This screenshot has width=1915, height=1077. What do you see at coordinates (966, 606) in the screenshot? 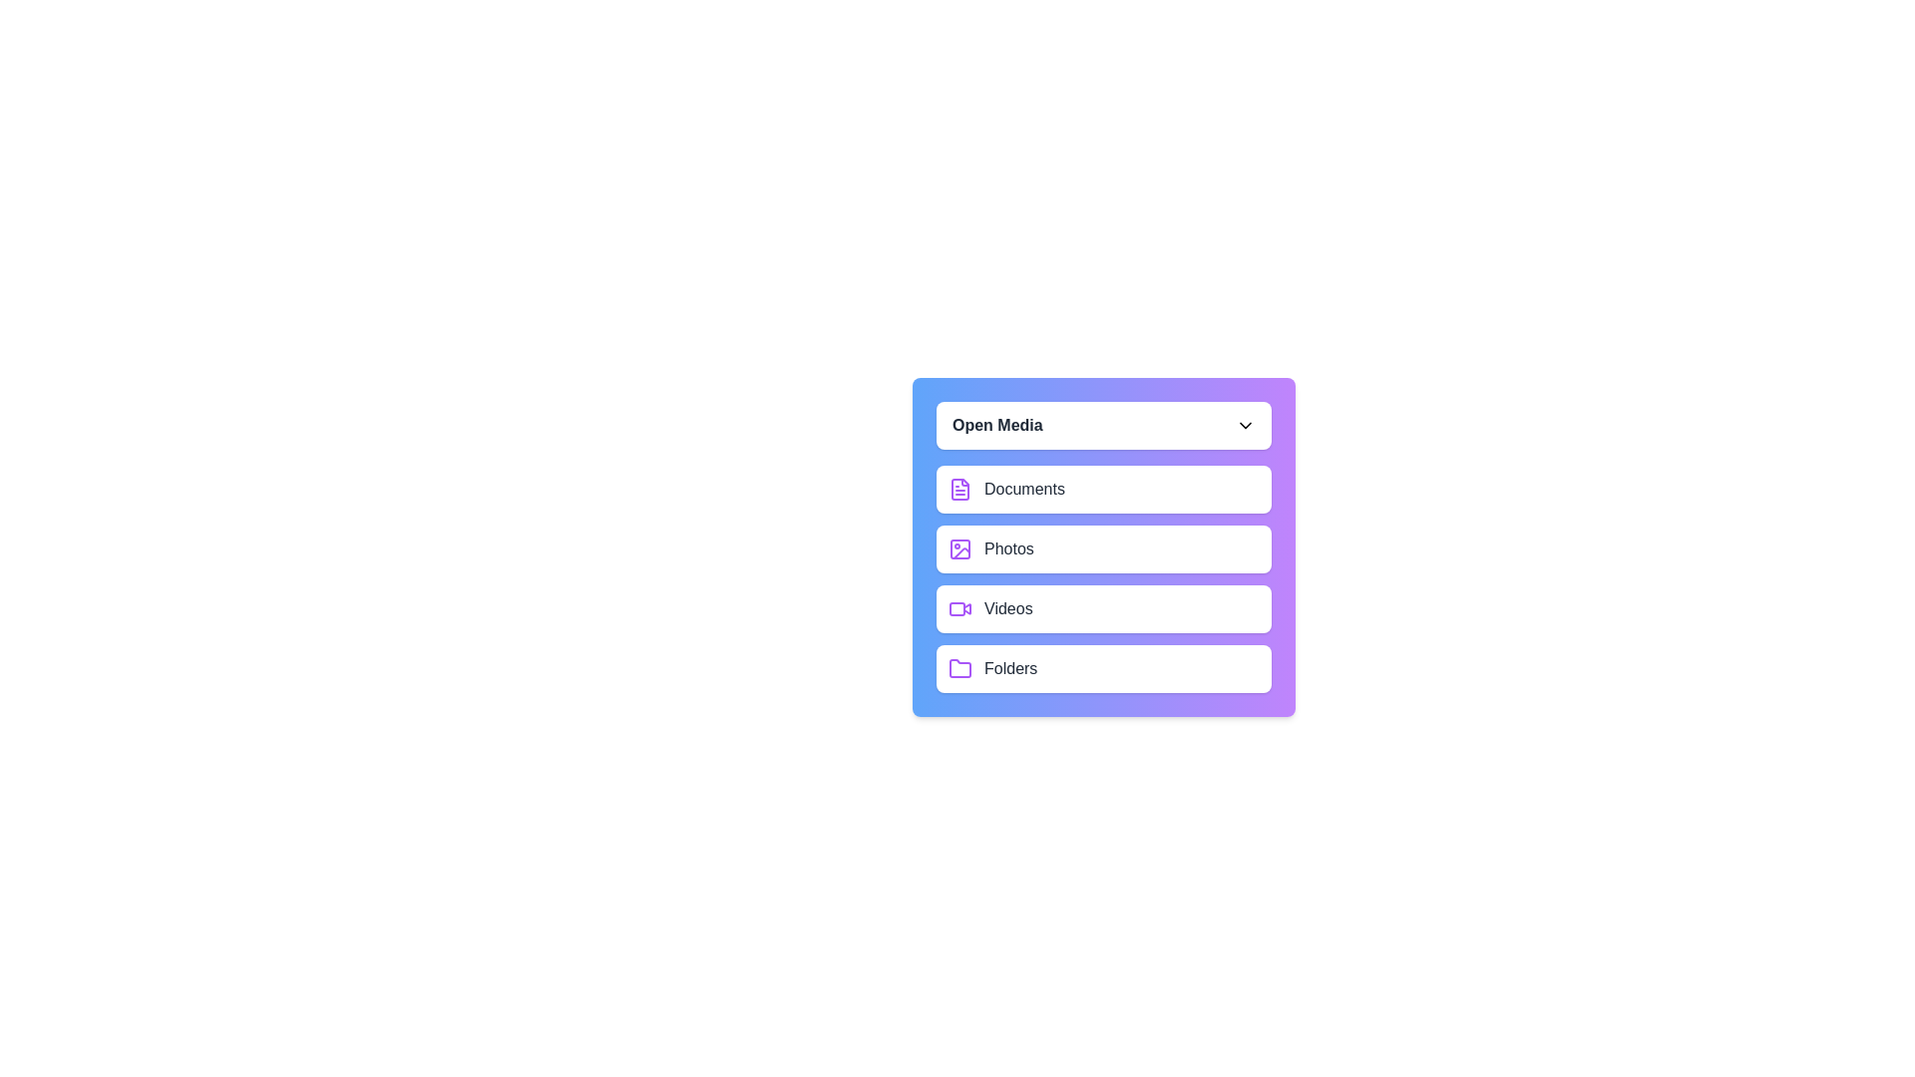
I see `the video camera icon in the third row of the vertical list labeled 'Videos'` at bounding box center [966, 606].